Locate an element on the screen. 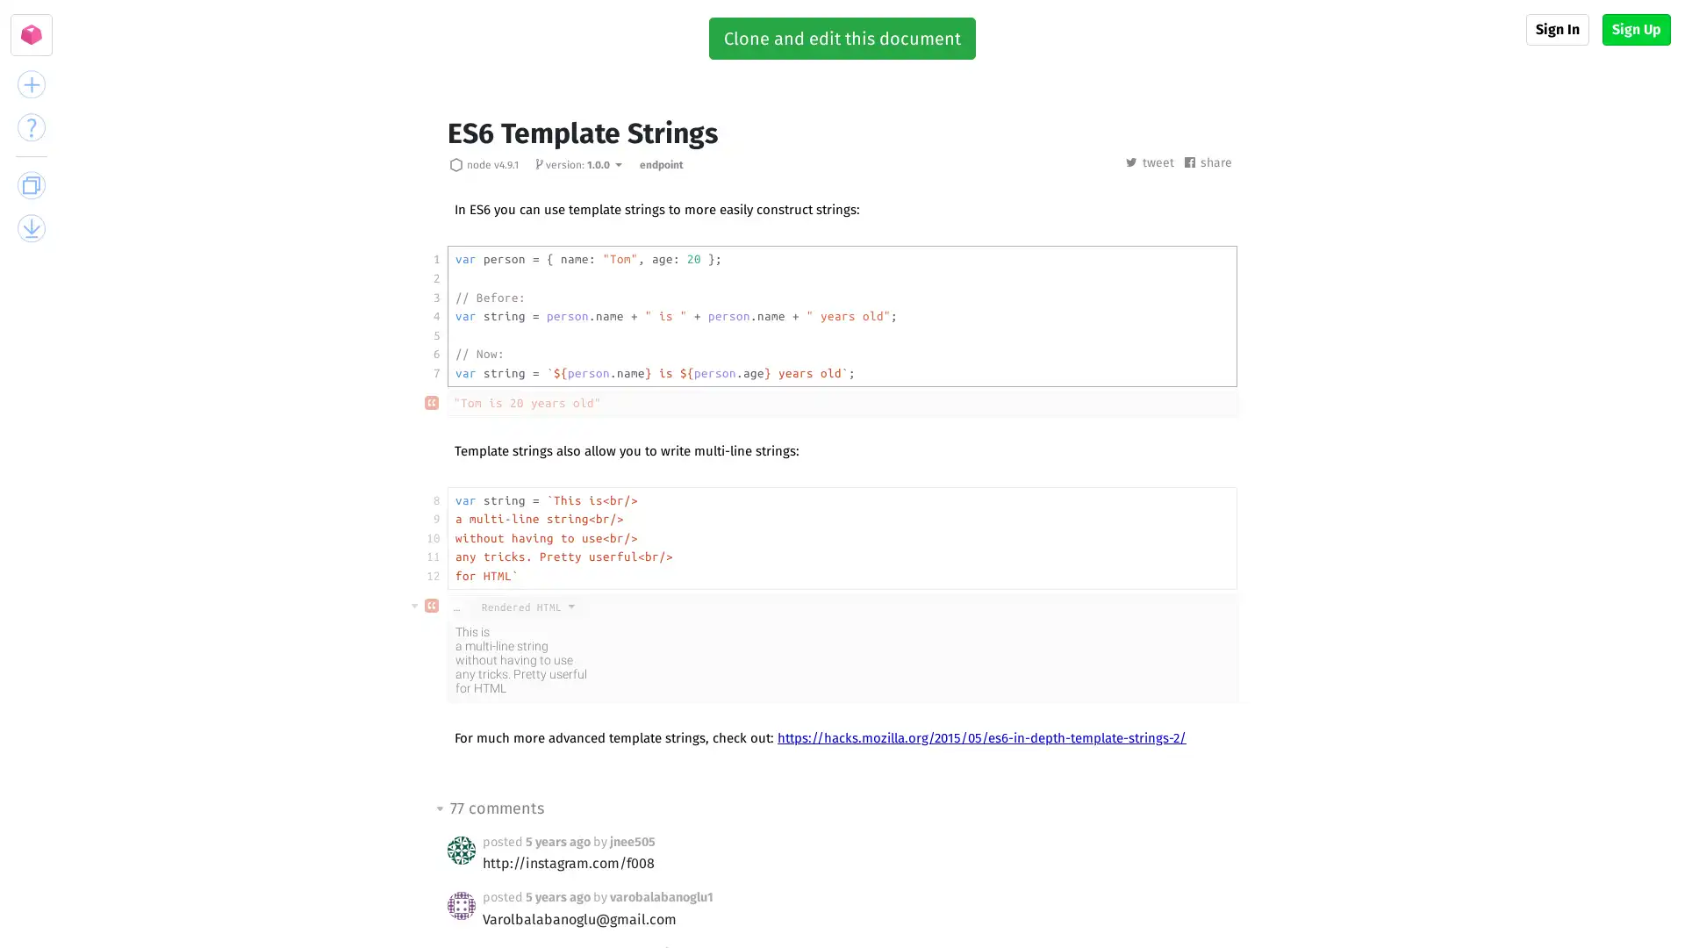  Clone and edit this document is located at coordinates (842, 38).